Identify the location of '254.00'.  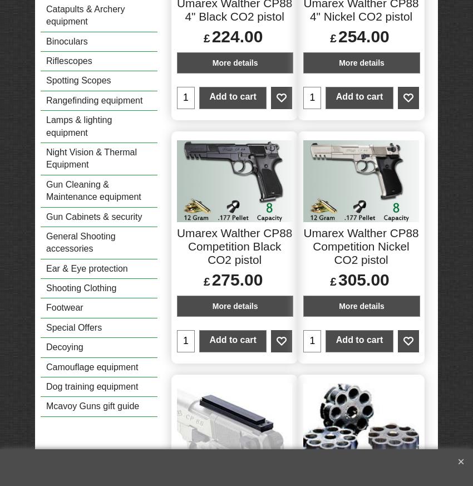
(363, 35).